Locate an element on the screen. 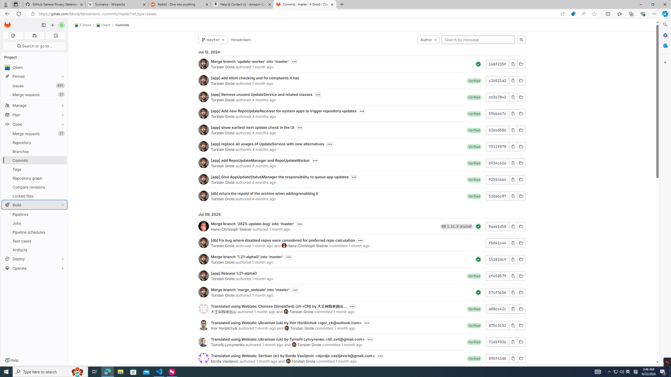 This screenshot has width=671, height=377. 'Test cases' is located at coordinates (34, 241).